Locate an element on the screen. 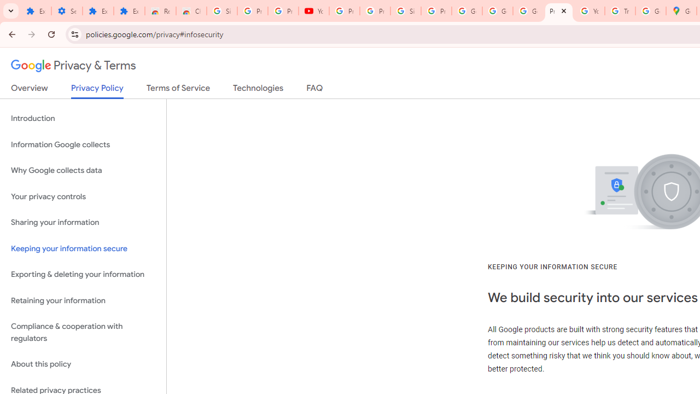 The height and width of the screenshot is (394, 700). 'Retaining your information' is located at coordinates (83, 300).